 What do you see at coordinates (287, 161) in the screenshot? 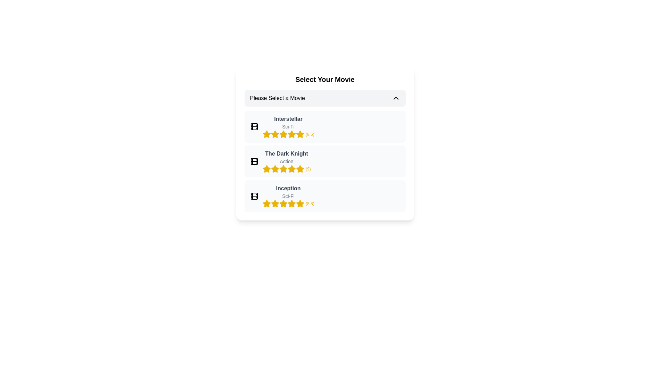
I see `the text label styled with small, gray-colored text reading 'Action' located within the 'The Dark Knight' section, directly below the movie title and above the rating area` at bounding box center [287, 161].